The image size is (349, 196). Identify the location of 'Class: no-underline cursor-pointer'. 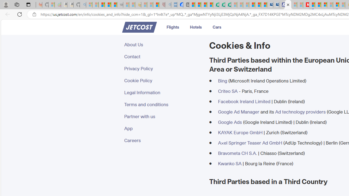
(139, 27).